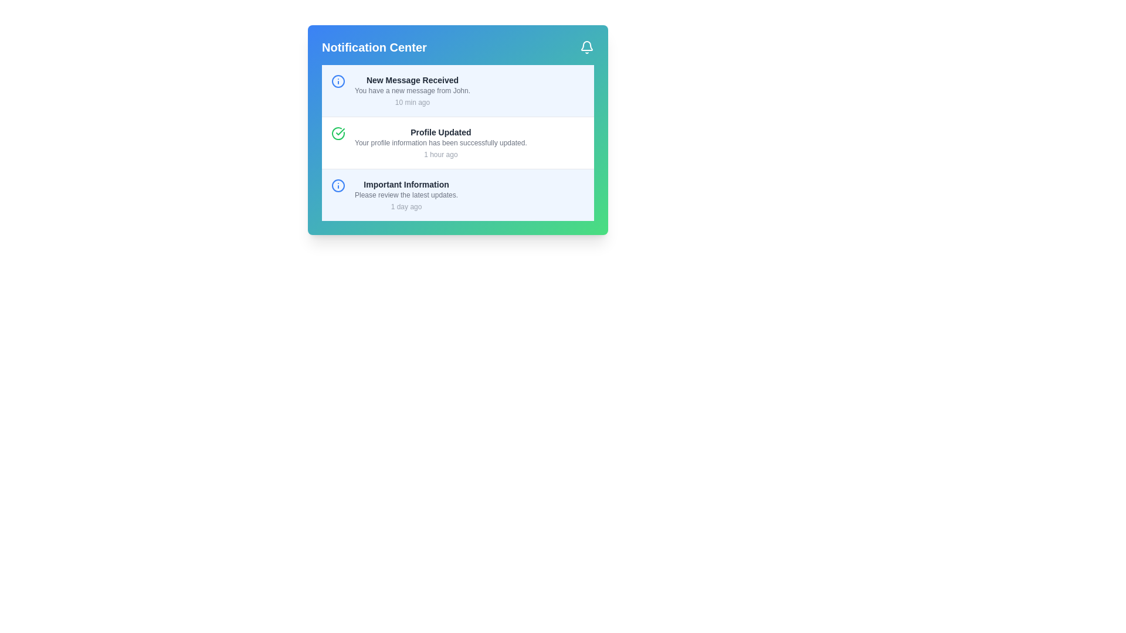 This screenshot has width=1126, height=633. I want to click on the blue and white circular icon with an 'i' symbol that is located to the left of the 'Important Information' heading, so click(337, 185).